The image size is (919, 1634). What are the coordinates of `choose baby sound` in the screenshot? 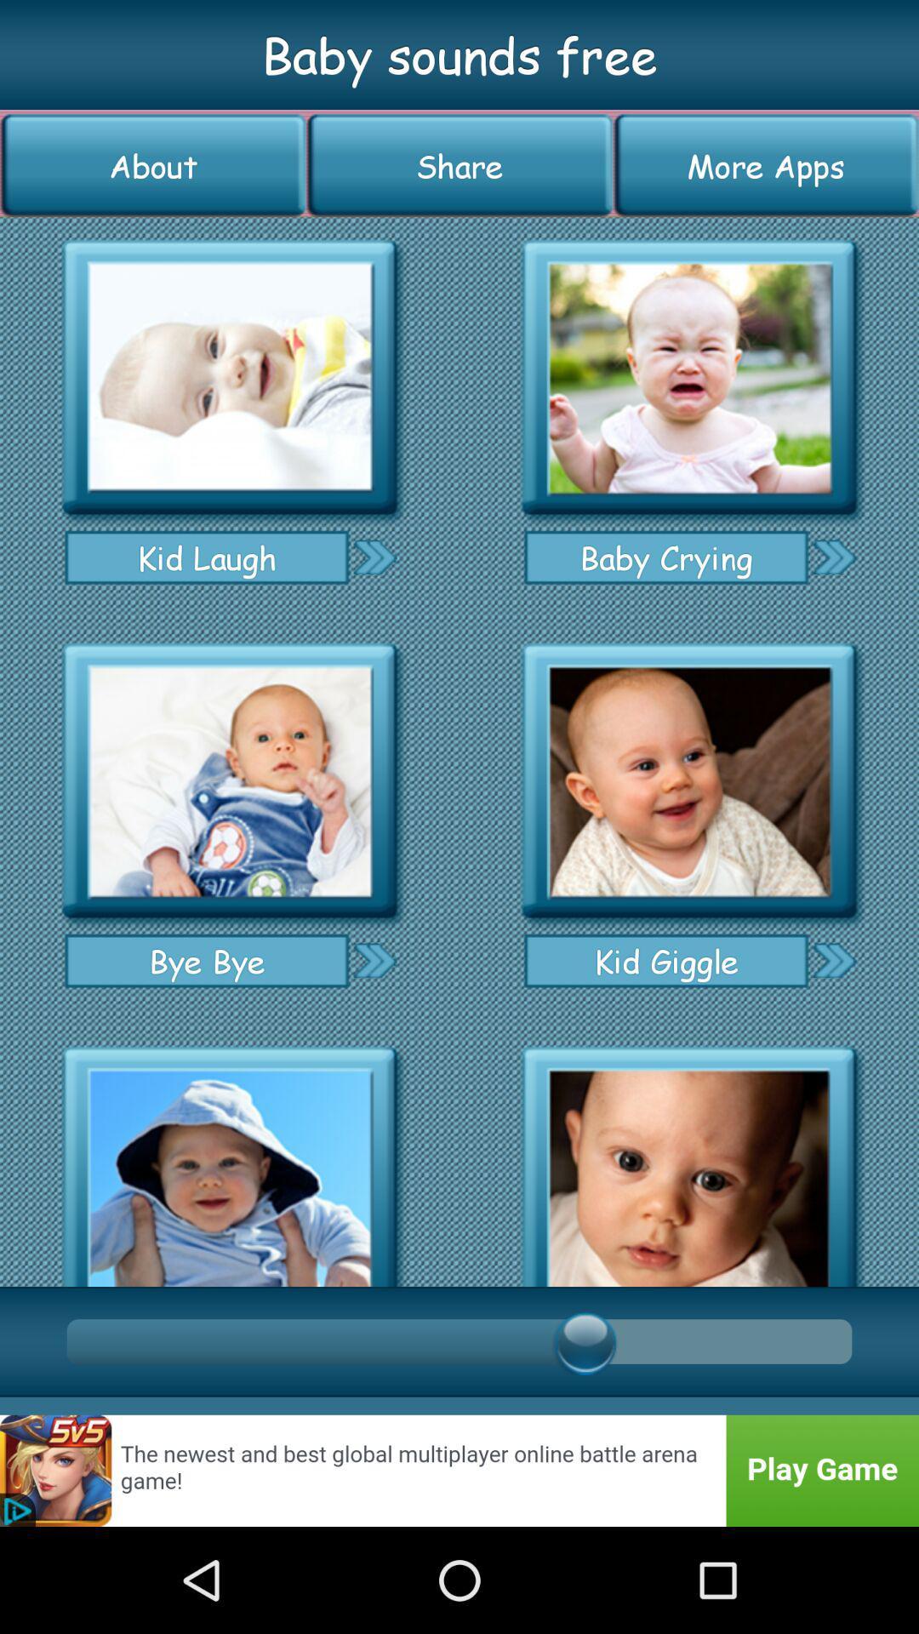 It's located at (230, 780).